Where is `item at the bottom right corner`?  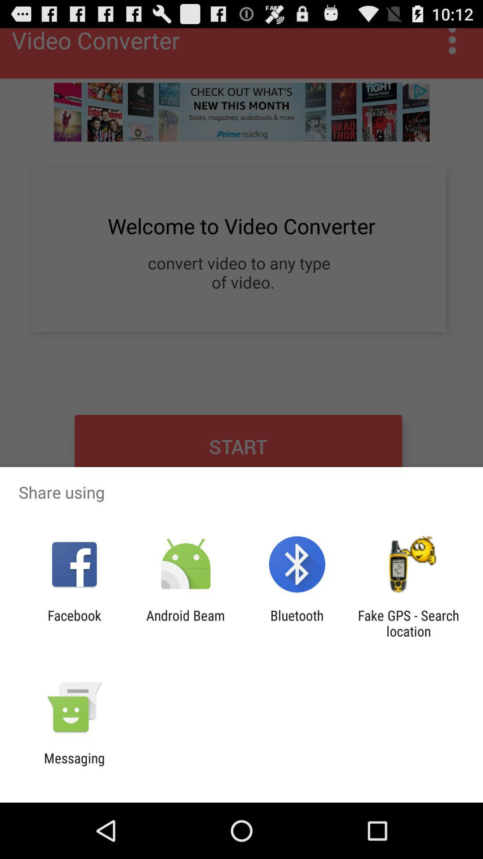 item at the bottom right corner is located at coordinates (408, 623).